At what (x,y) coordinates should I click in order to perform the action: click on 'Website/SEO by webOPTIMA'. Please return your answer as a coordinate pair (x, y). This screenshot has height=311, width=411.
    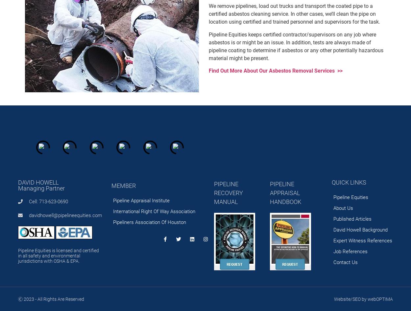
    Looking at the image, I should click on (363, 298).